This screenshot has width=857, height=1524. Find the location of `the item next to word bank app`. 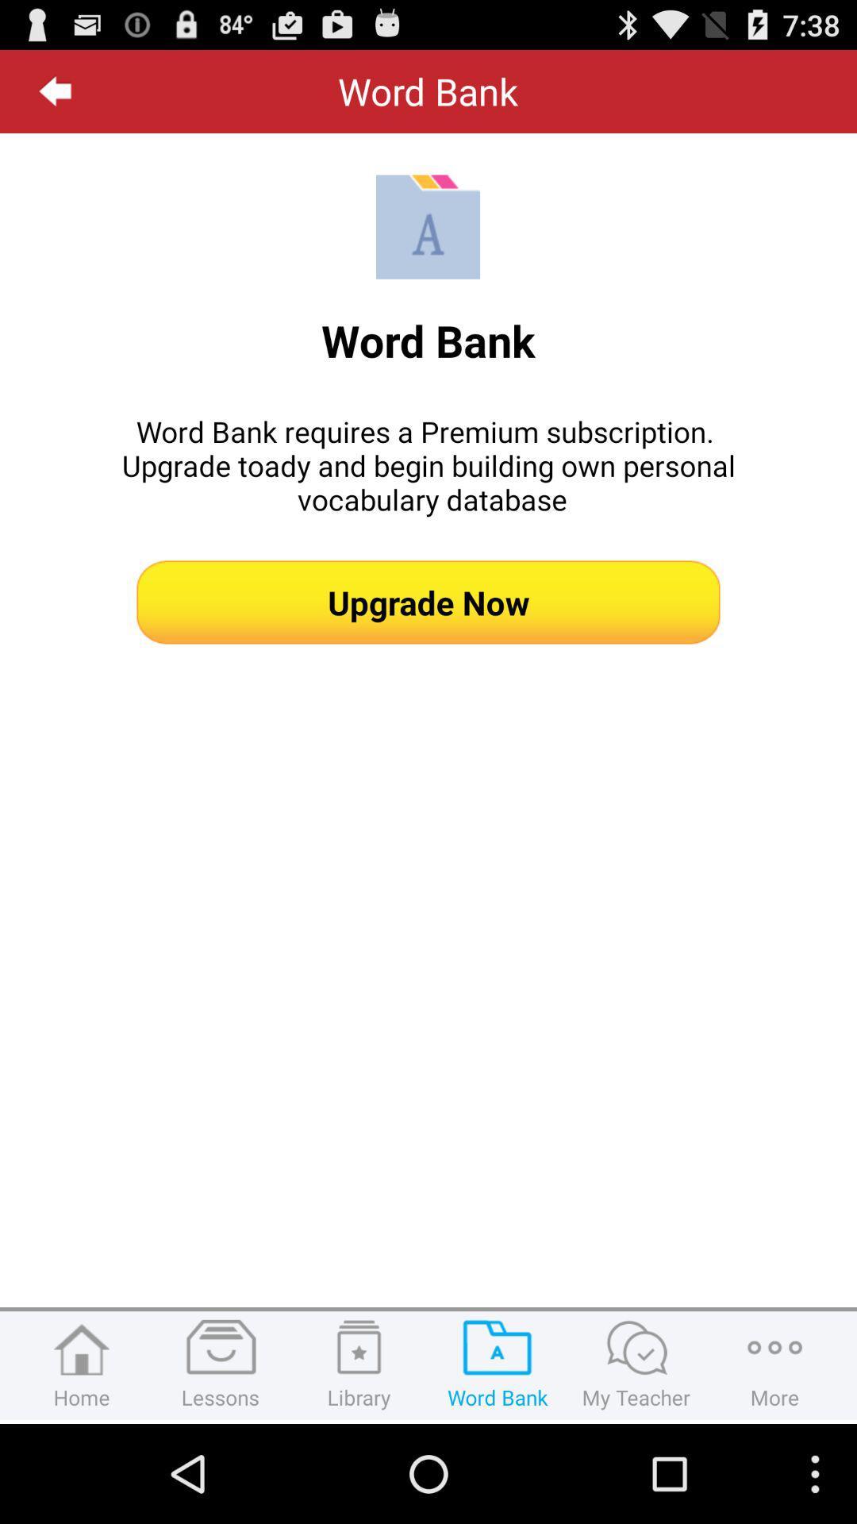

the item next to word bank app is located at coordinates (55, 90).